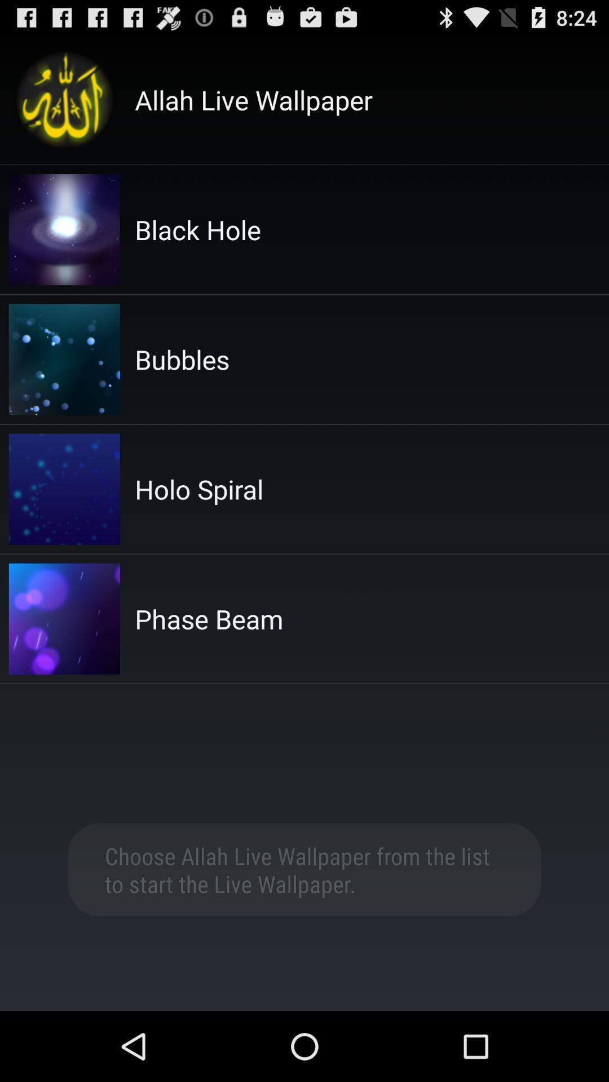 Image resolution: width=609 pixels, height=1082 pixels. I want to click on the black hole app, so click(197, 229).